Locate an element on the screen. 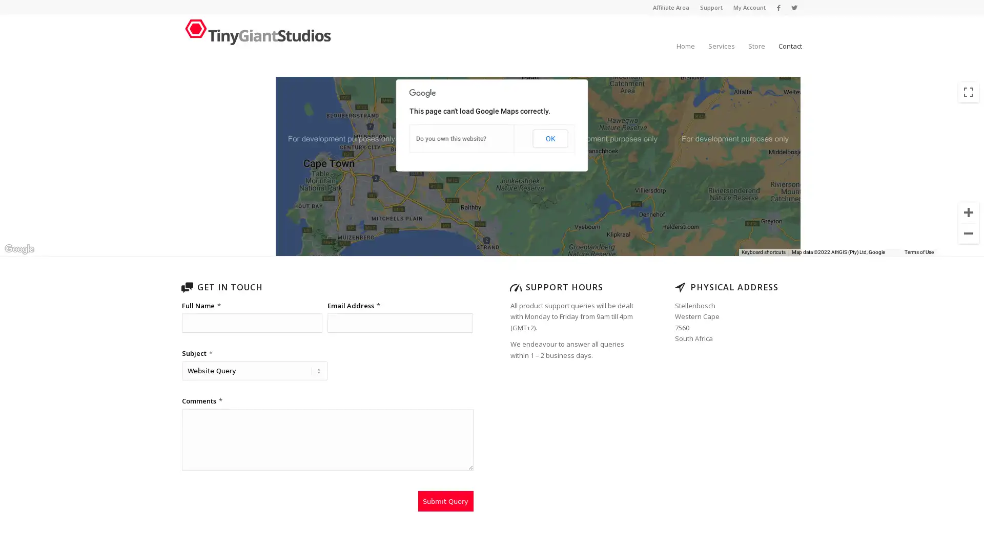 Image resolution: width=984 pixels, height=553 pixels. Zoom in is located at coordinates (968, 212).